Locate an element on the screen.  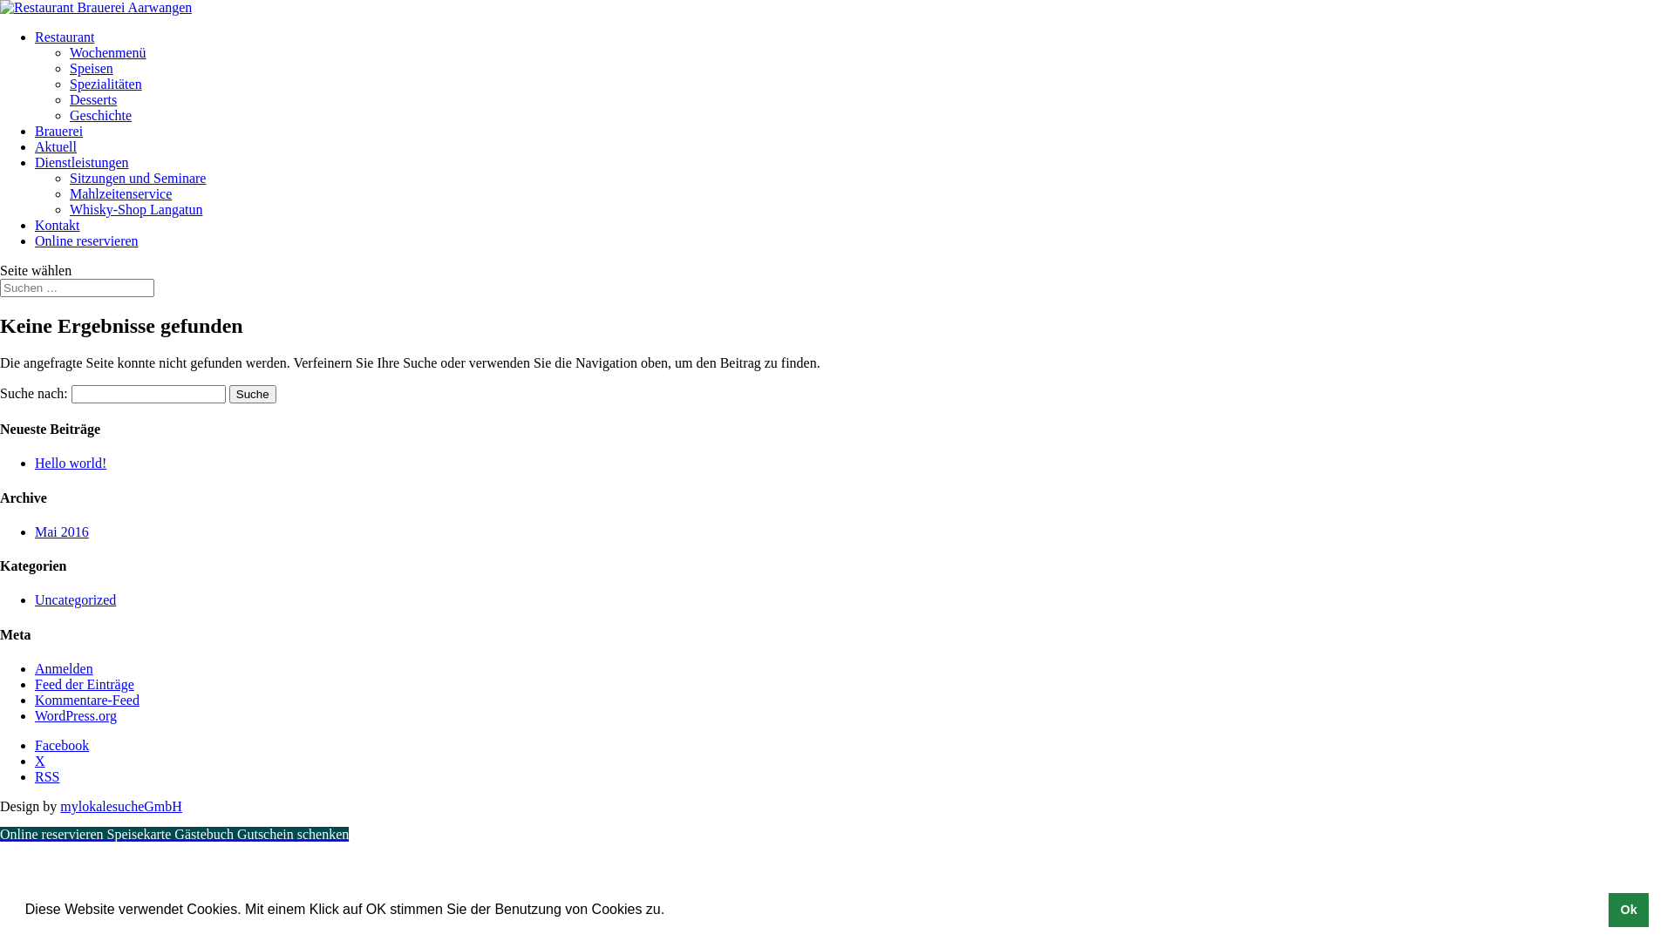
'Aktuell' is located at coordinates (34, 146).